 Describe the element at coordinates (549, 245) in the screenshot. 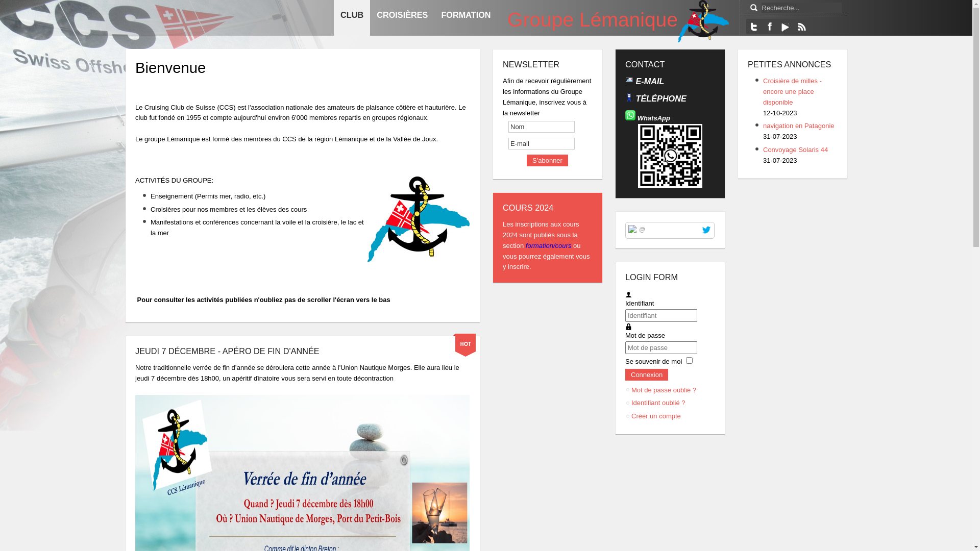

I see `'formation/cours'` at that location.